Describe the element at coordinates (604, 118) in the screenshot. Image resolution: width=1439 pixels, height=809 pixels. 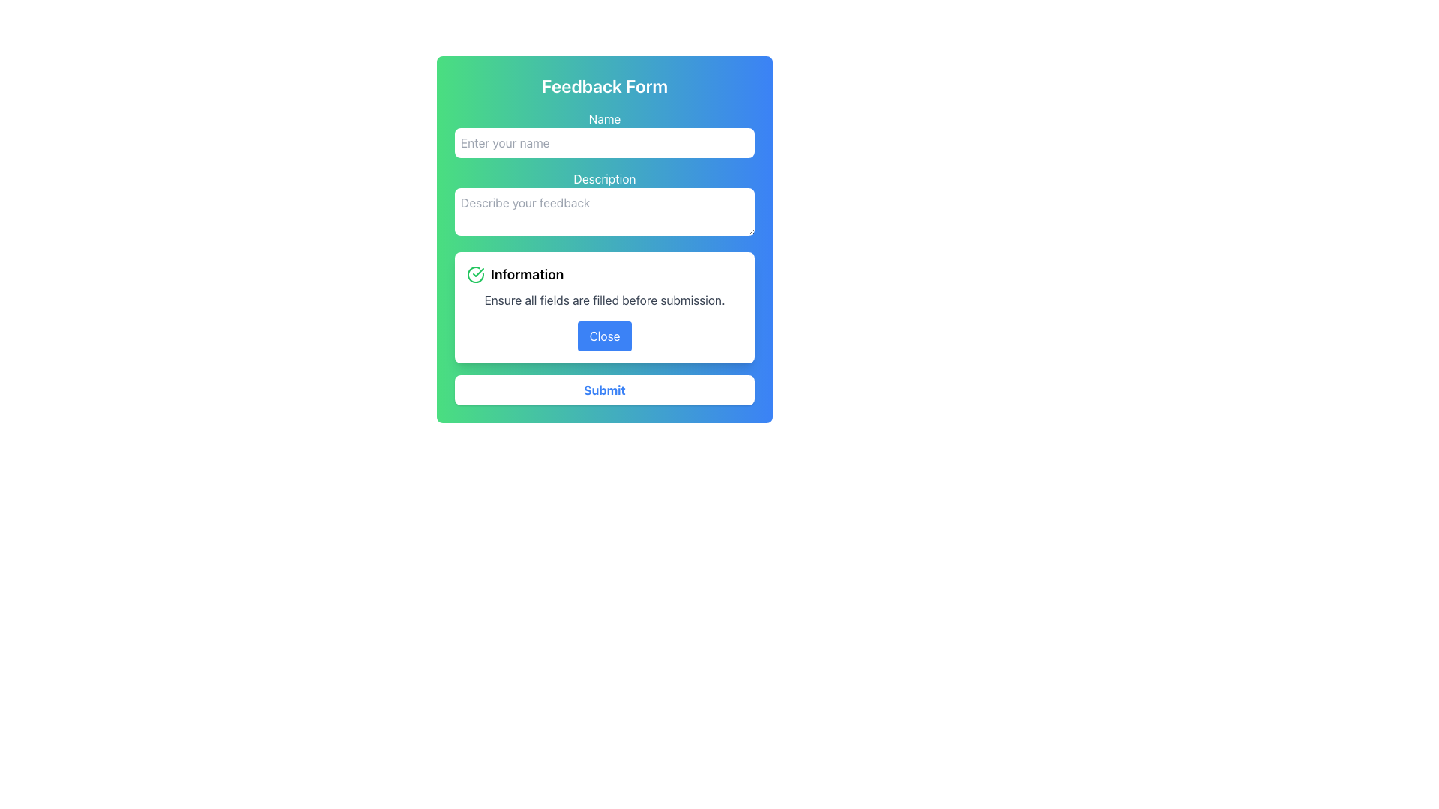
I see `the 'Name' label text which is centrally aligned above the input field labeled 'Enter your name'` at that location.